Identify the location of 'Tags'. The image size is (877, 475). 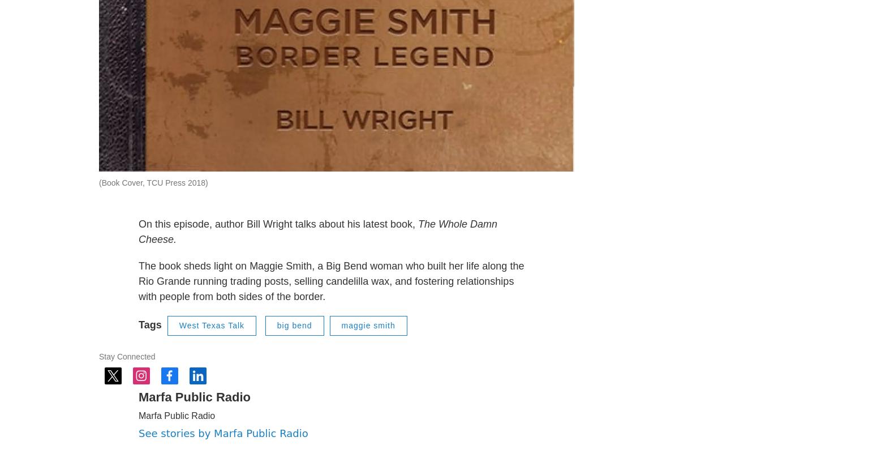
(150, 352).